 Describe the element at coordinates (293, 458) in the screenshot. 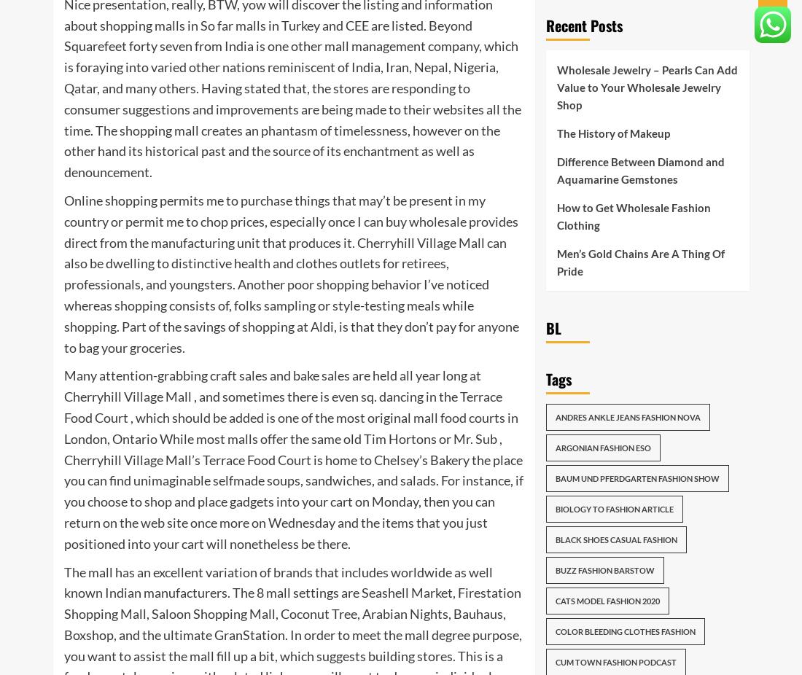

I see `'Many attention-grabbing craft sales and bake sales are held all year long at Cherryhill Village Mall , and sometimes there is even sq. dancing in the Terrace Food Court , which should be added is one of the most original mall food courts in London, Ontario While most malls offer the same old Tim Hortons or Mr. Sub , Cherryhill Village Mall’s Terrace Food Court is home to Chelsey’s Bakery the place you can find unimaginable selfmade soups, sandwiches, and salads. For instance, if you choose to shop and place gadgets into your cart on Monday, then you can return on the web site once more on Wednesday and the items that you just positioned into your cart will nonetheless be there.'` at that location.